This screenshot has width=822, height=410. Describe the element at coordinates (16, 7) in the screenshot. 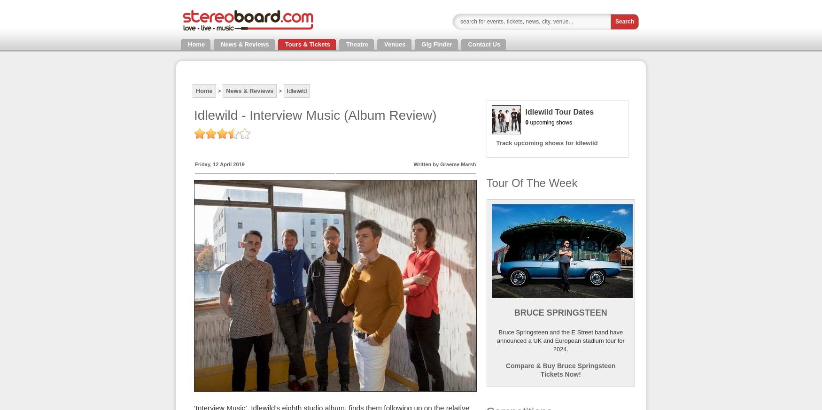

I see `'About Us'` at that location.